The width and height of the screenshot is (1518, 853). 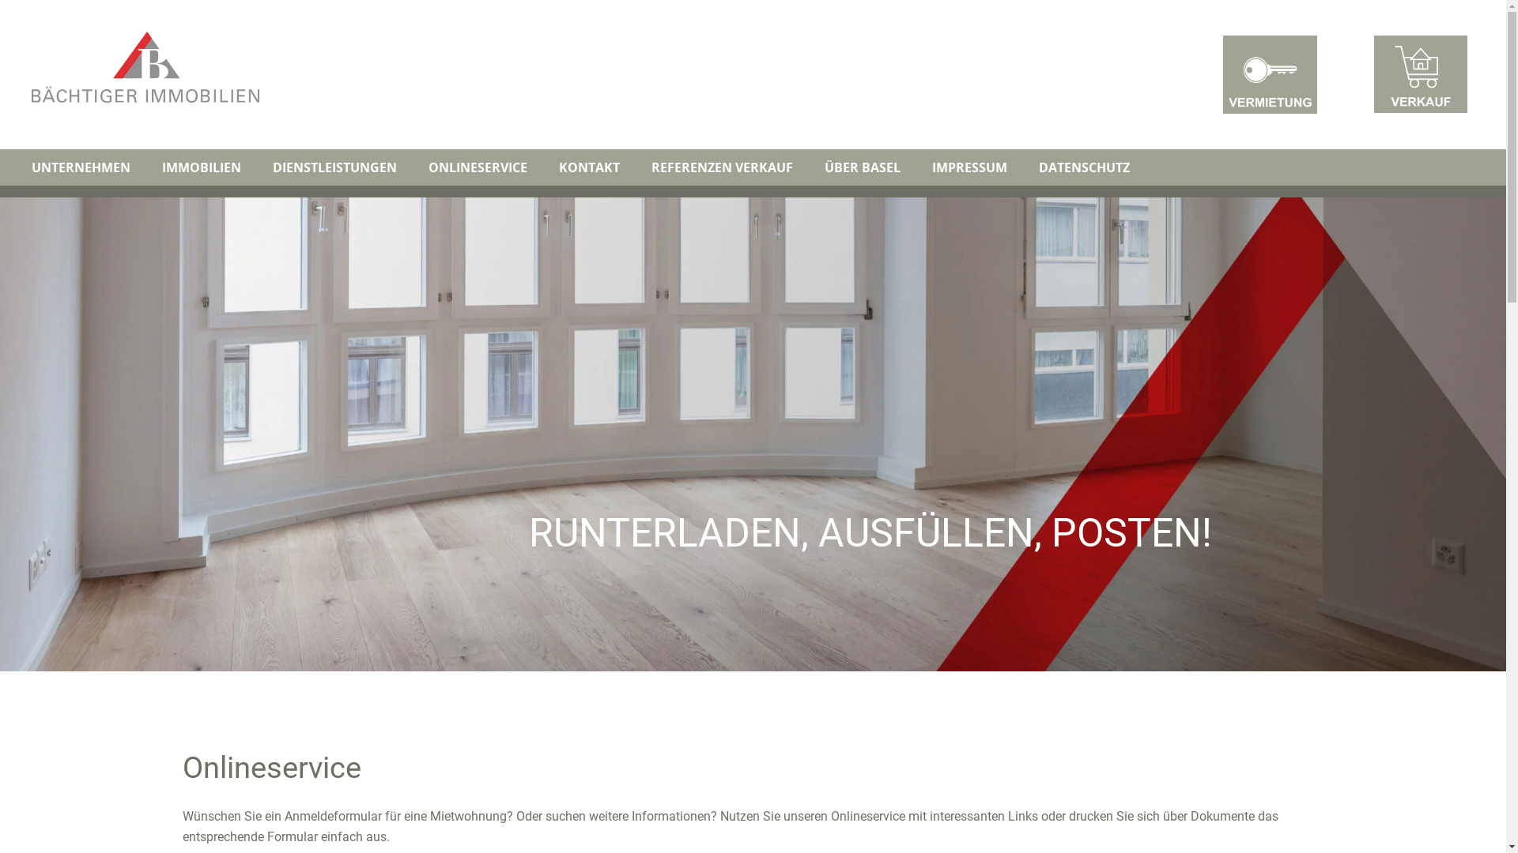 I want to click on 'KONTAKT', so click(x=588, y=167).